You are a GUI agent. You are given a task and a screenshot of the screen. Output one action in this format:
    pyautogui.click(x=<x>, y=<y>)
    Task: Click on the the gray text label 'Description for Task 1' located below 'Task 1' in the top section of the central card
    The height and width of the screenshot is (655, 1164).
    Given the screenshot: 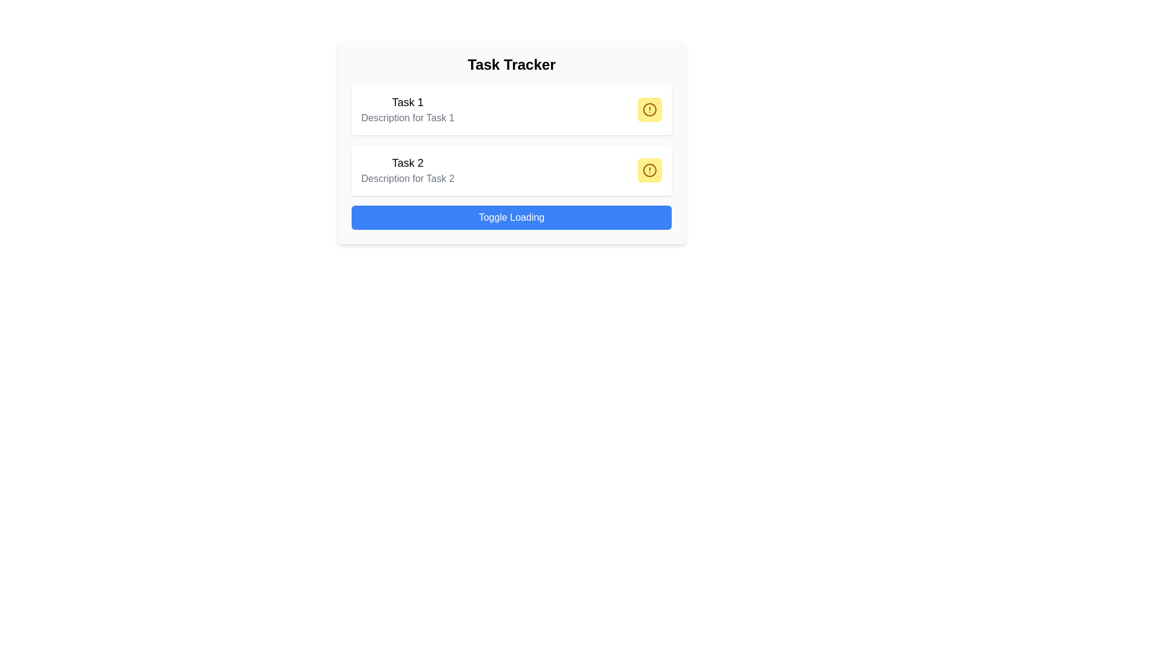 What is the action you would take?
    pyautogui.click(x=407, y=118)
    